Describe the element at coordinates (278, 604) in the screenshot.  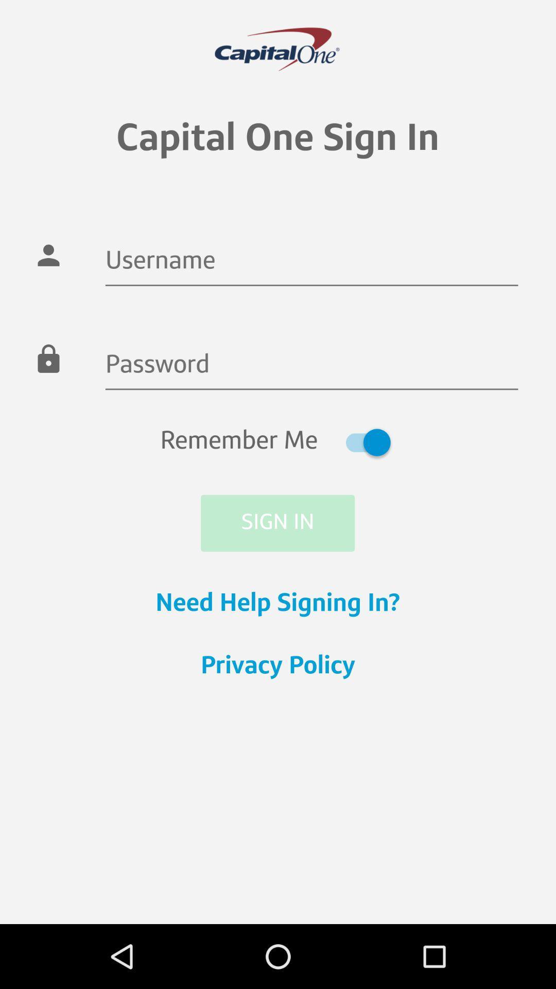
I see `item above the privacy policy item` at that location.